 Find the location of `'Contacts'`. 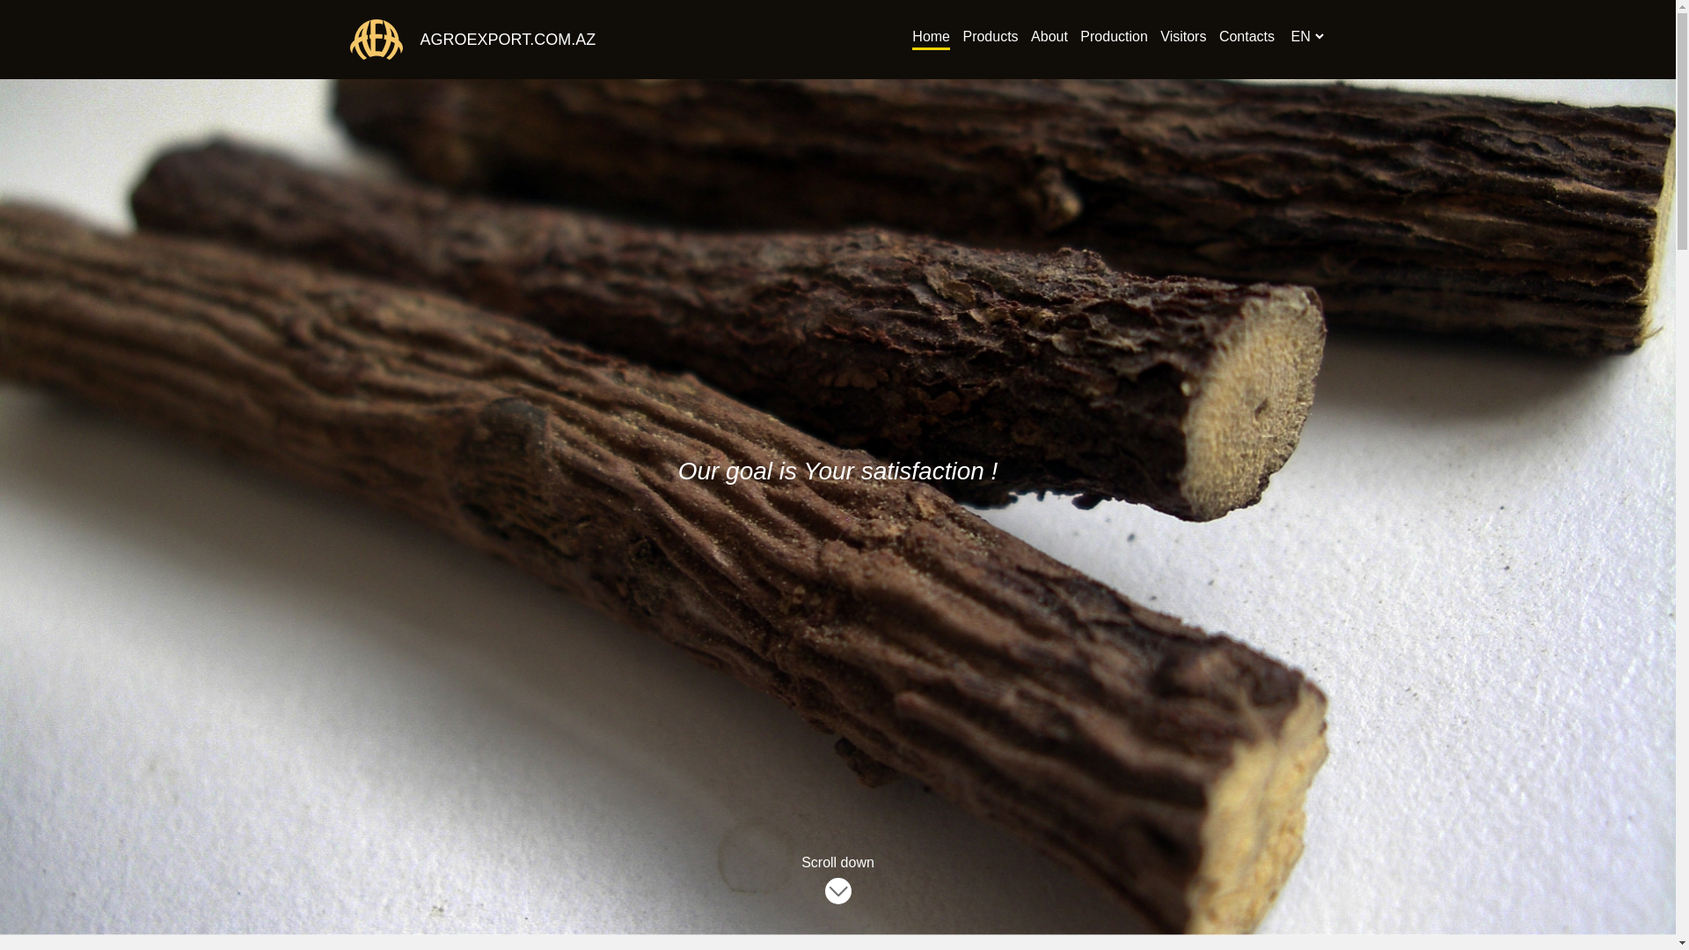

'Contacts' is located at coordinates (1246, 38).